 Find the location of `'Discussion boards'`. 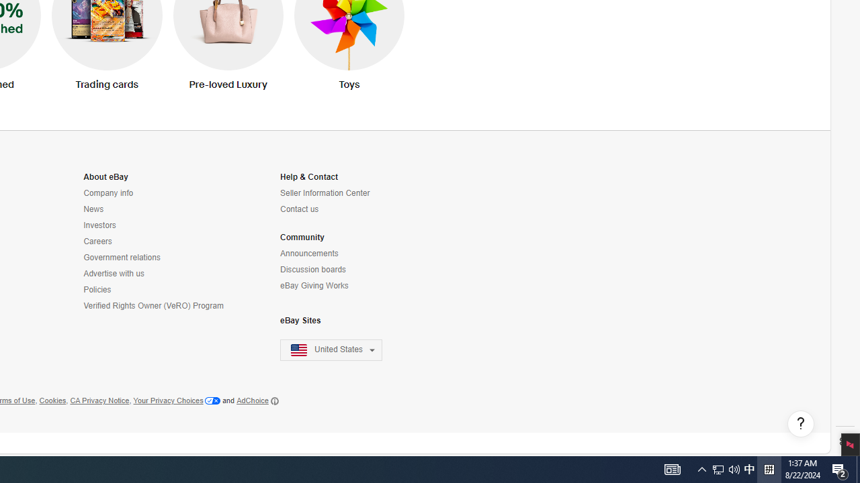

'Discussion boards' is located at coordinates (339, 270).